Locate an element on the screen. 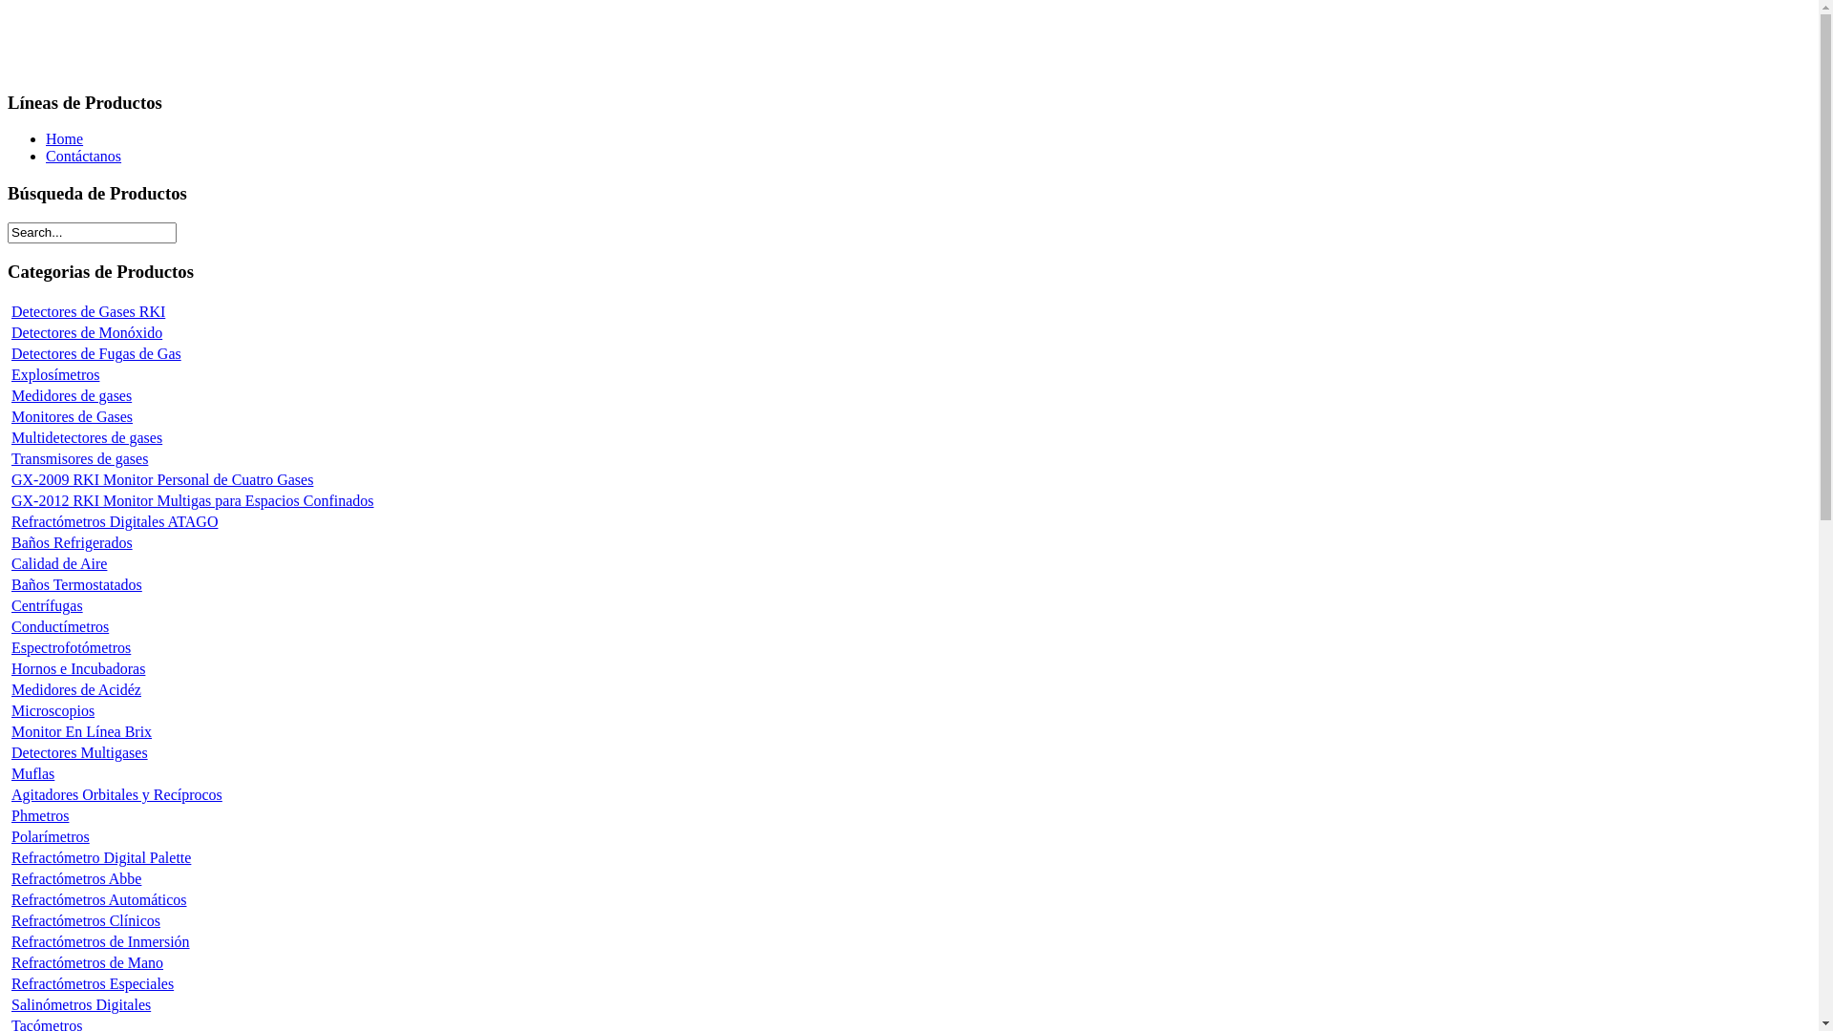 Image resolution: width=1833 pixels, height=1031 pixels. 'Phmetros' is located at coordinates (40, 815).